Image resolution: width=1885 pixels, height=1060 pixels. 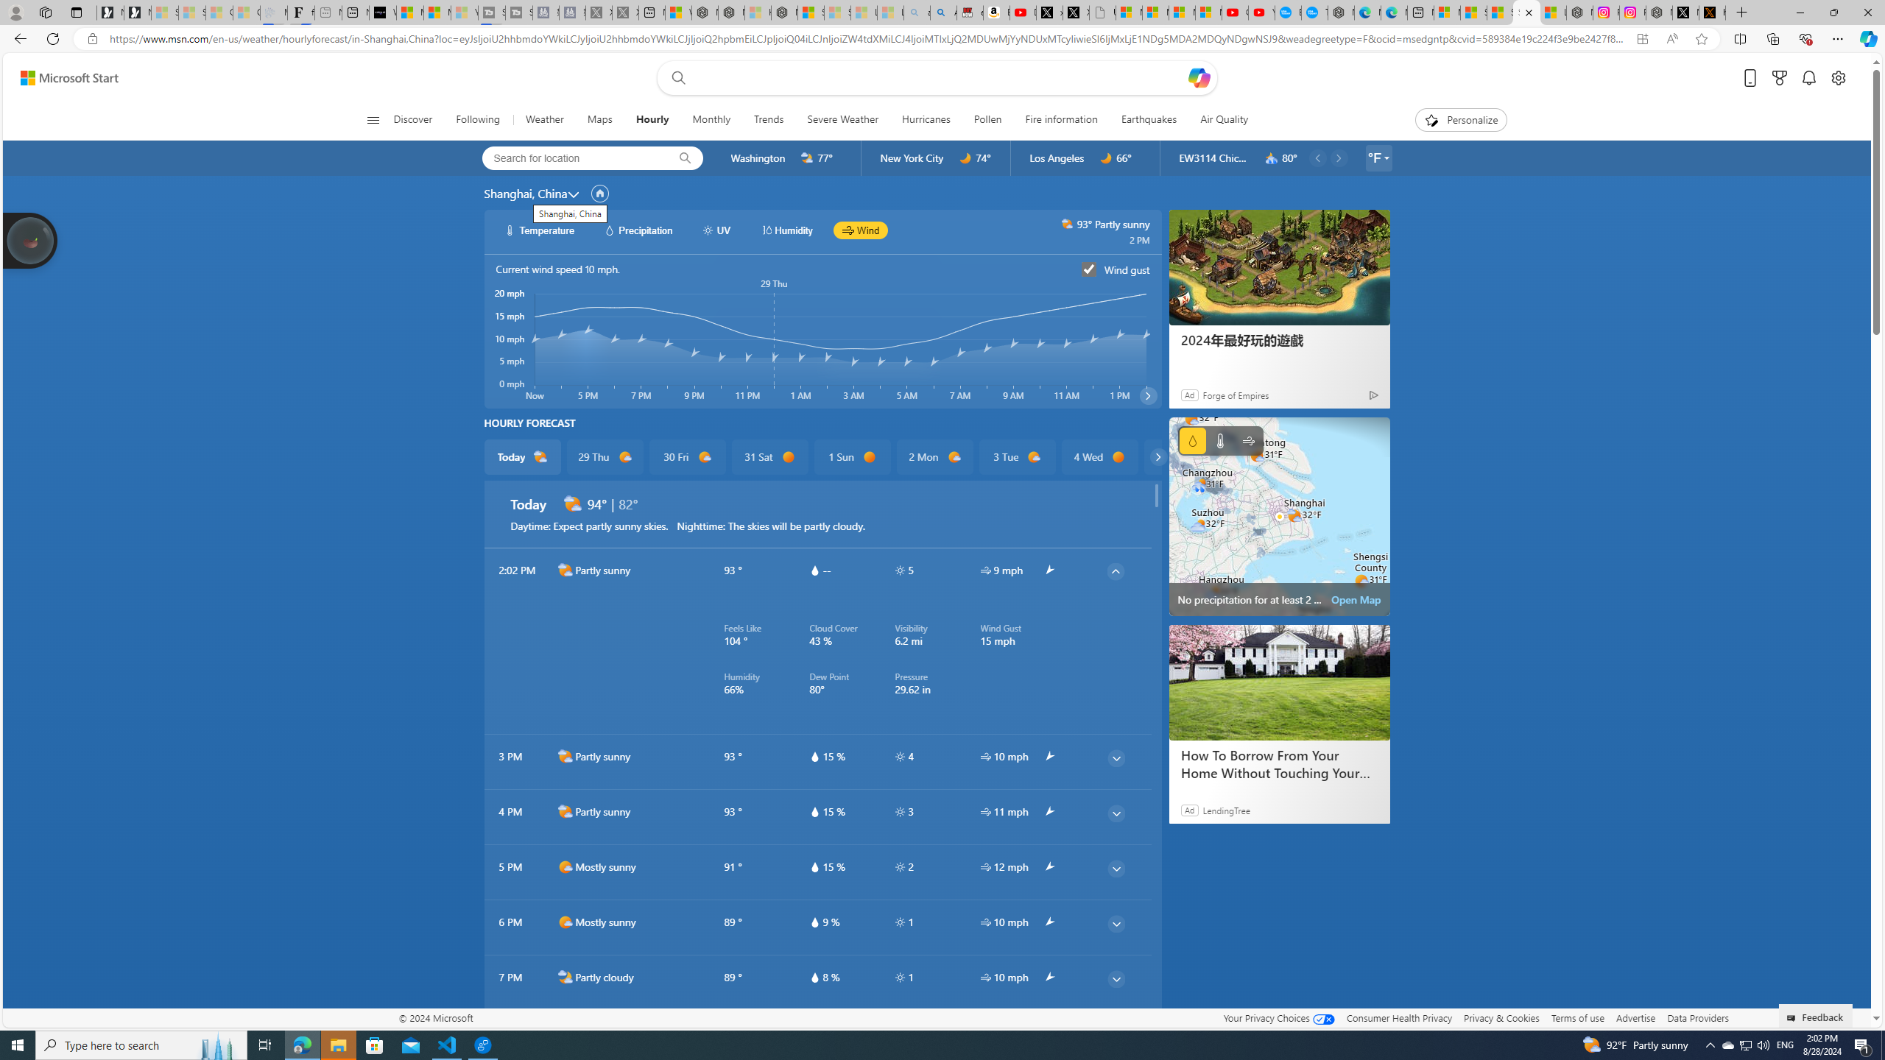 What do you see at coordinates (1279, 516) in the screenshot?
I see `'No precipitation for at least 2 hours'` at bounding box center [1279, 516].